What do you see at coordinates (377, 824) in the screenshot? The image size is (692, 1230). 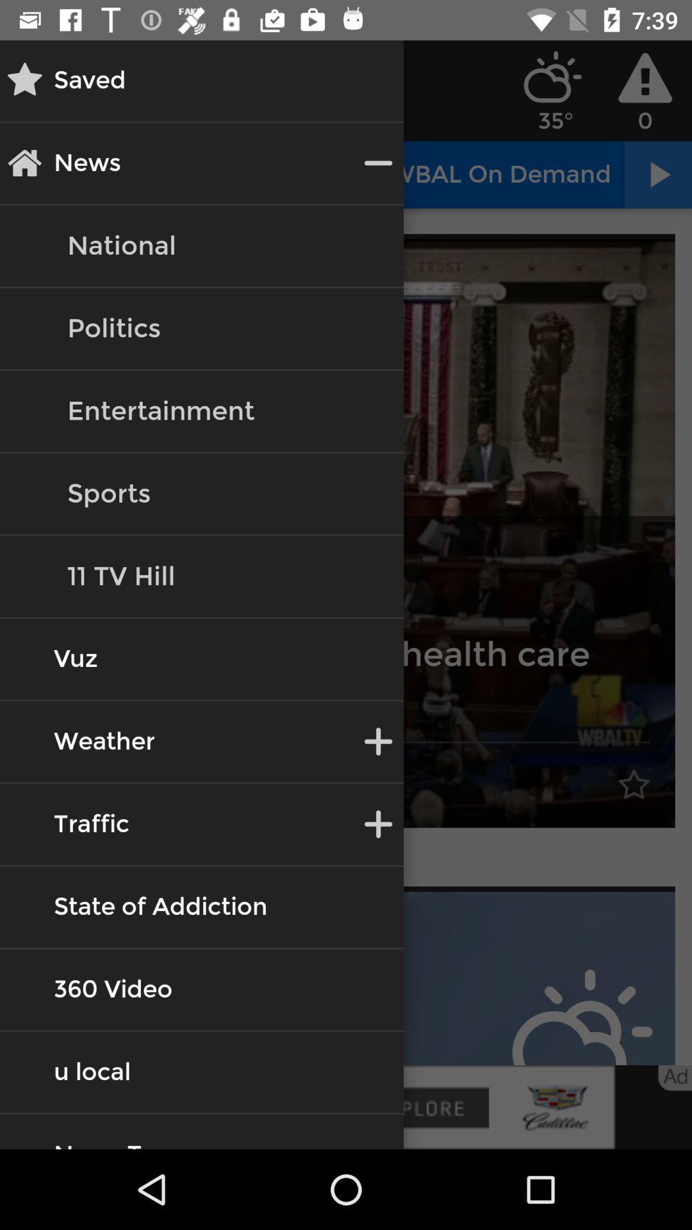 I see `beside traffic` at bounding box center [377, 824].